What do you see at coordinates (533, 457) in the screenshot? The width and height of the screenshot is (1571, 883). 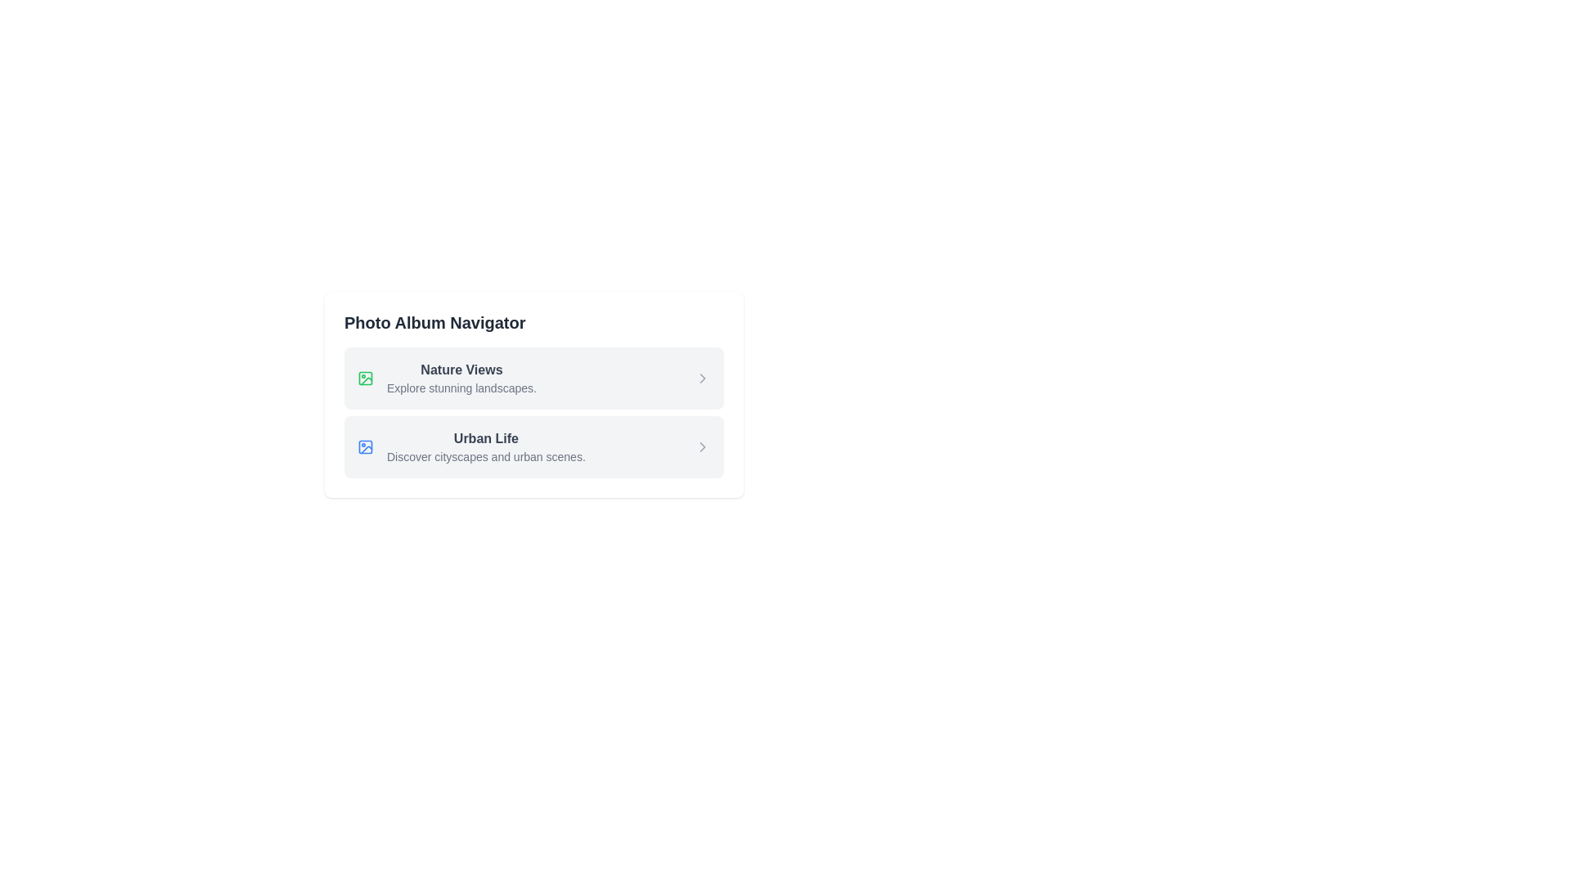 I see `the central navigation pane` at bounding box center [533, 457].